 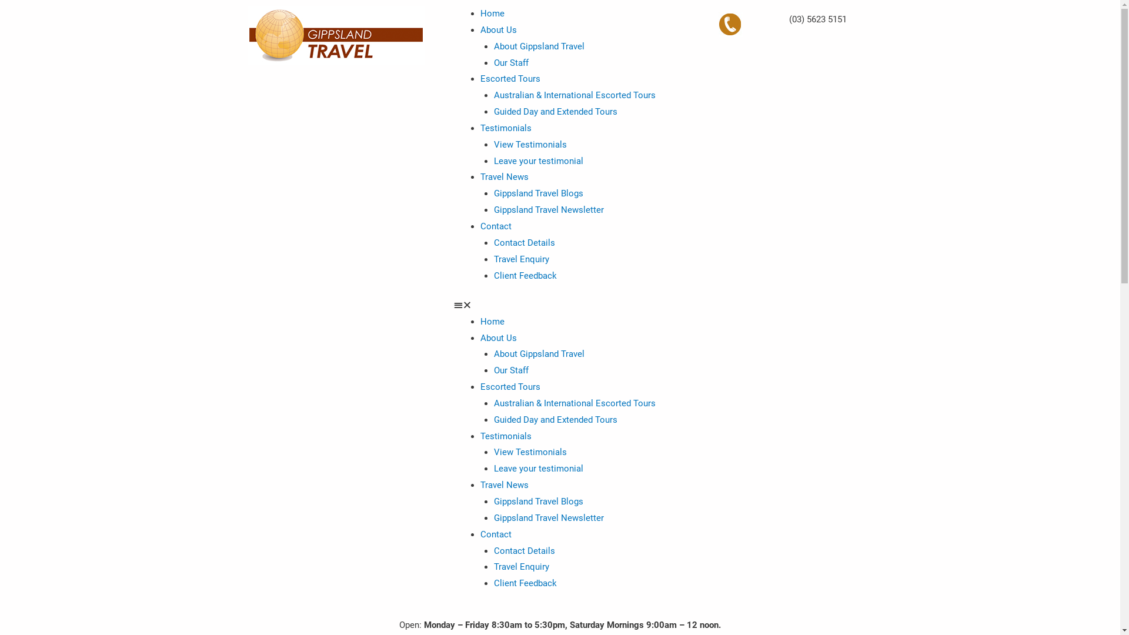 What do you see at coordinates (496, 534) in the screenshot?
I see `'Contact'` at bounding box center [496, 534].